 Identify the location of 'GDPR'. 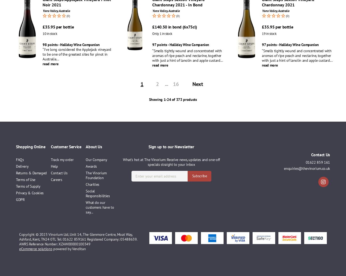
(20, 199).